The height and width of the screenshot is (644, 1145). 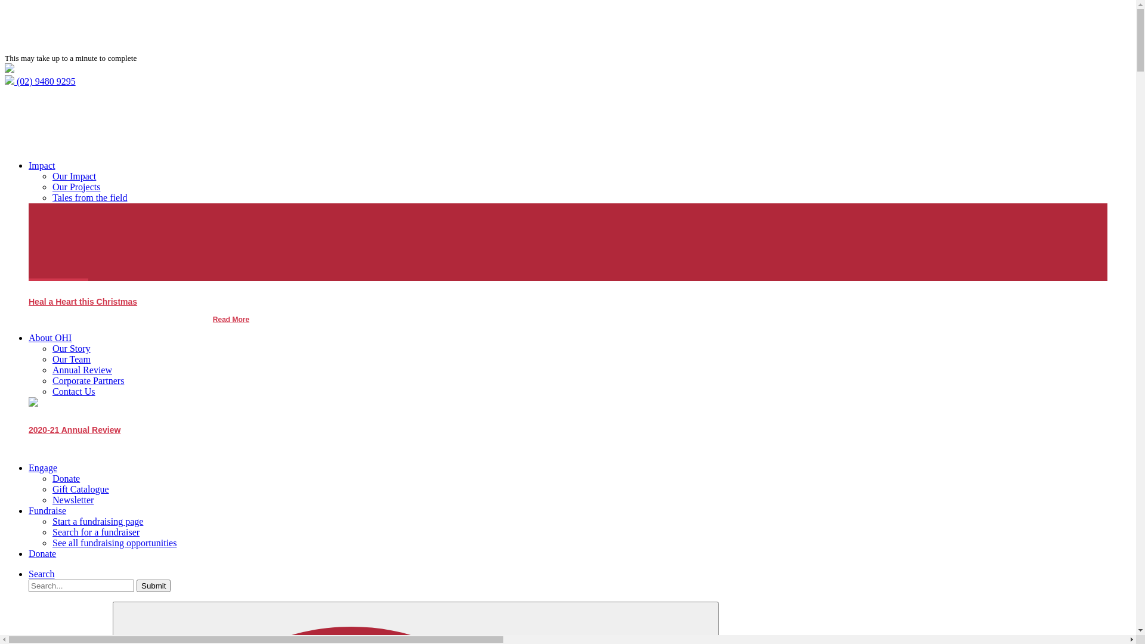 What do you see at coordinates (82, 304) in the screenshot?
I see `'Heal a Heart this Christmas'` at bounding box center [82, 304].